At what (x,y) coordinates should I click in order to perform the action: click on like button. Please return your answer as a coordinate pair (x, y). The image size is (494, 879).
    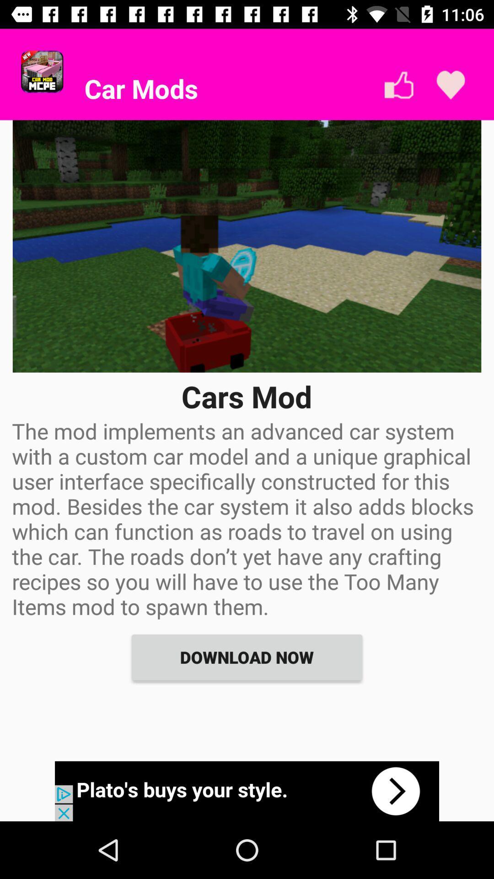
    Looking at the image, I should click on (398, 85).